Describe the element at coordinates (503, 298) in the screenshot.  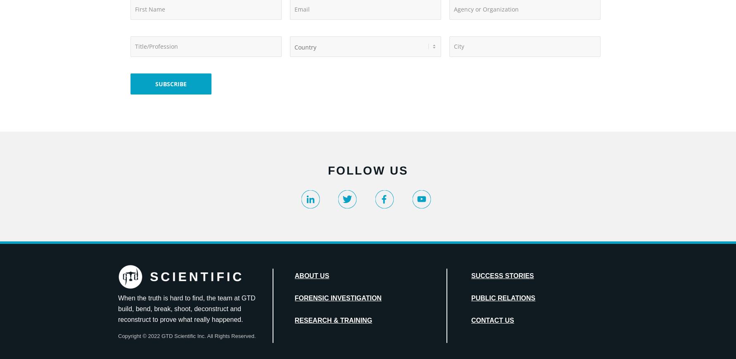
I see `'Public Relations'` at that location.